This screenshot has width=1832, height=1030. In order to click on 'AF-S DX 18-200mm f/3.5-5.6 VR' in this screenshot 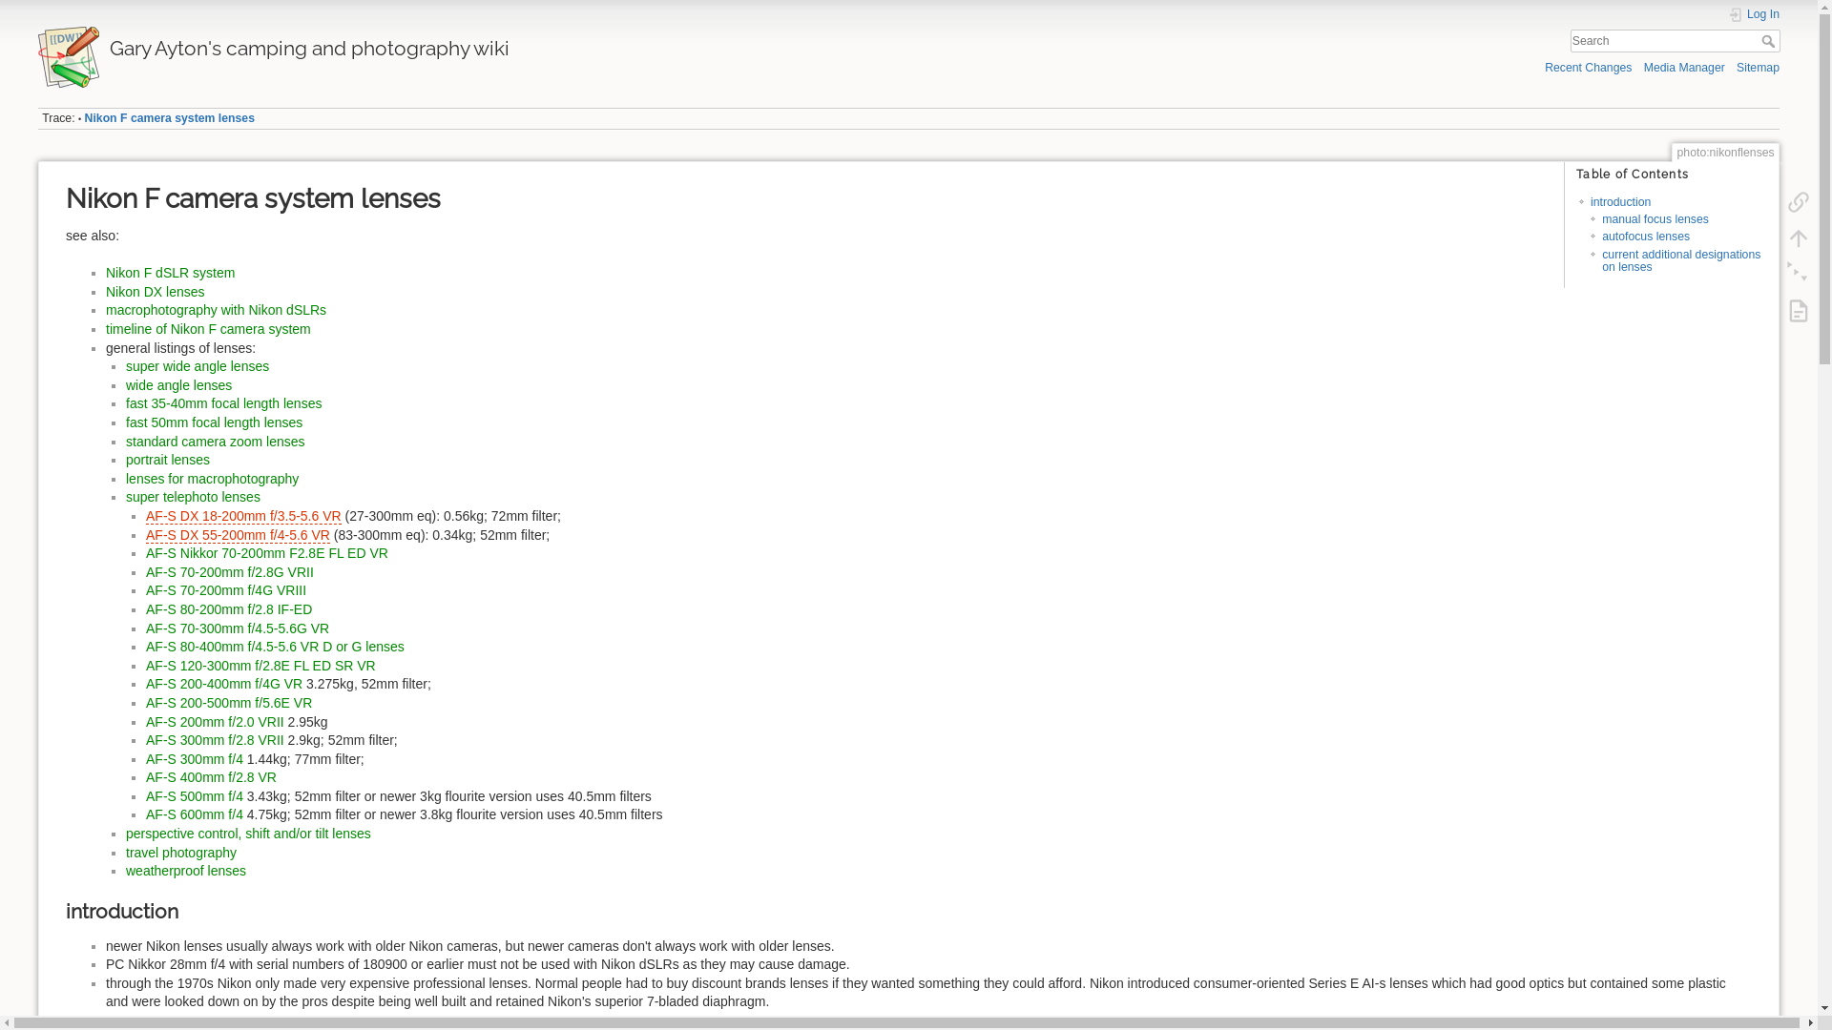, I will do `click(242, 516)`.